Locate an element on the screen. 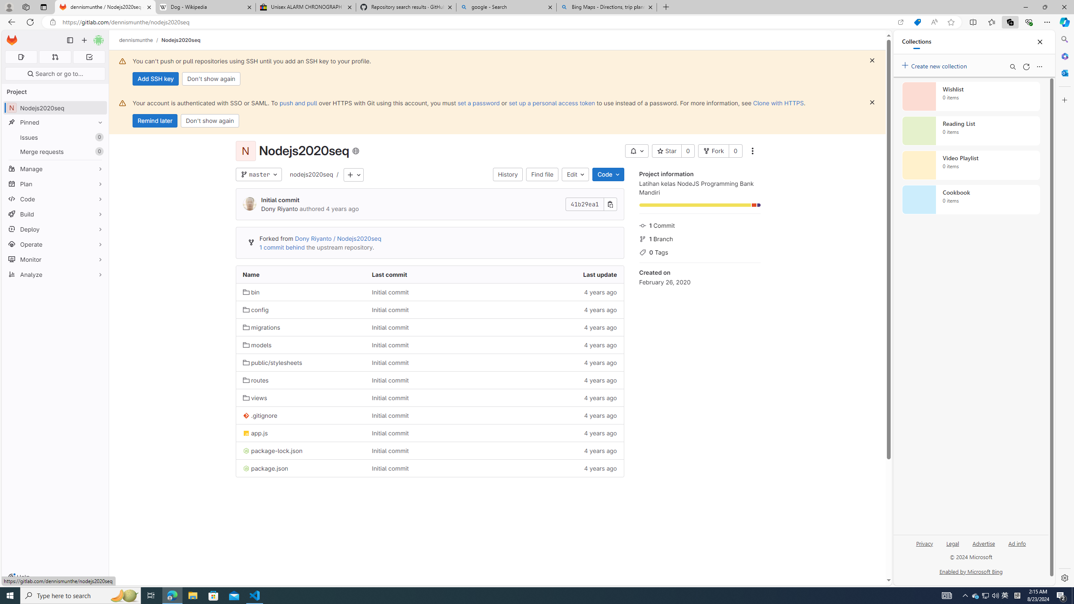 The width and height of the screenshot is (1074, 604). '4 years ago' is located at coordinates (559, 468).